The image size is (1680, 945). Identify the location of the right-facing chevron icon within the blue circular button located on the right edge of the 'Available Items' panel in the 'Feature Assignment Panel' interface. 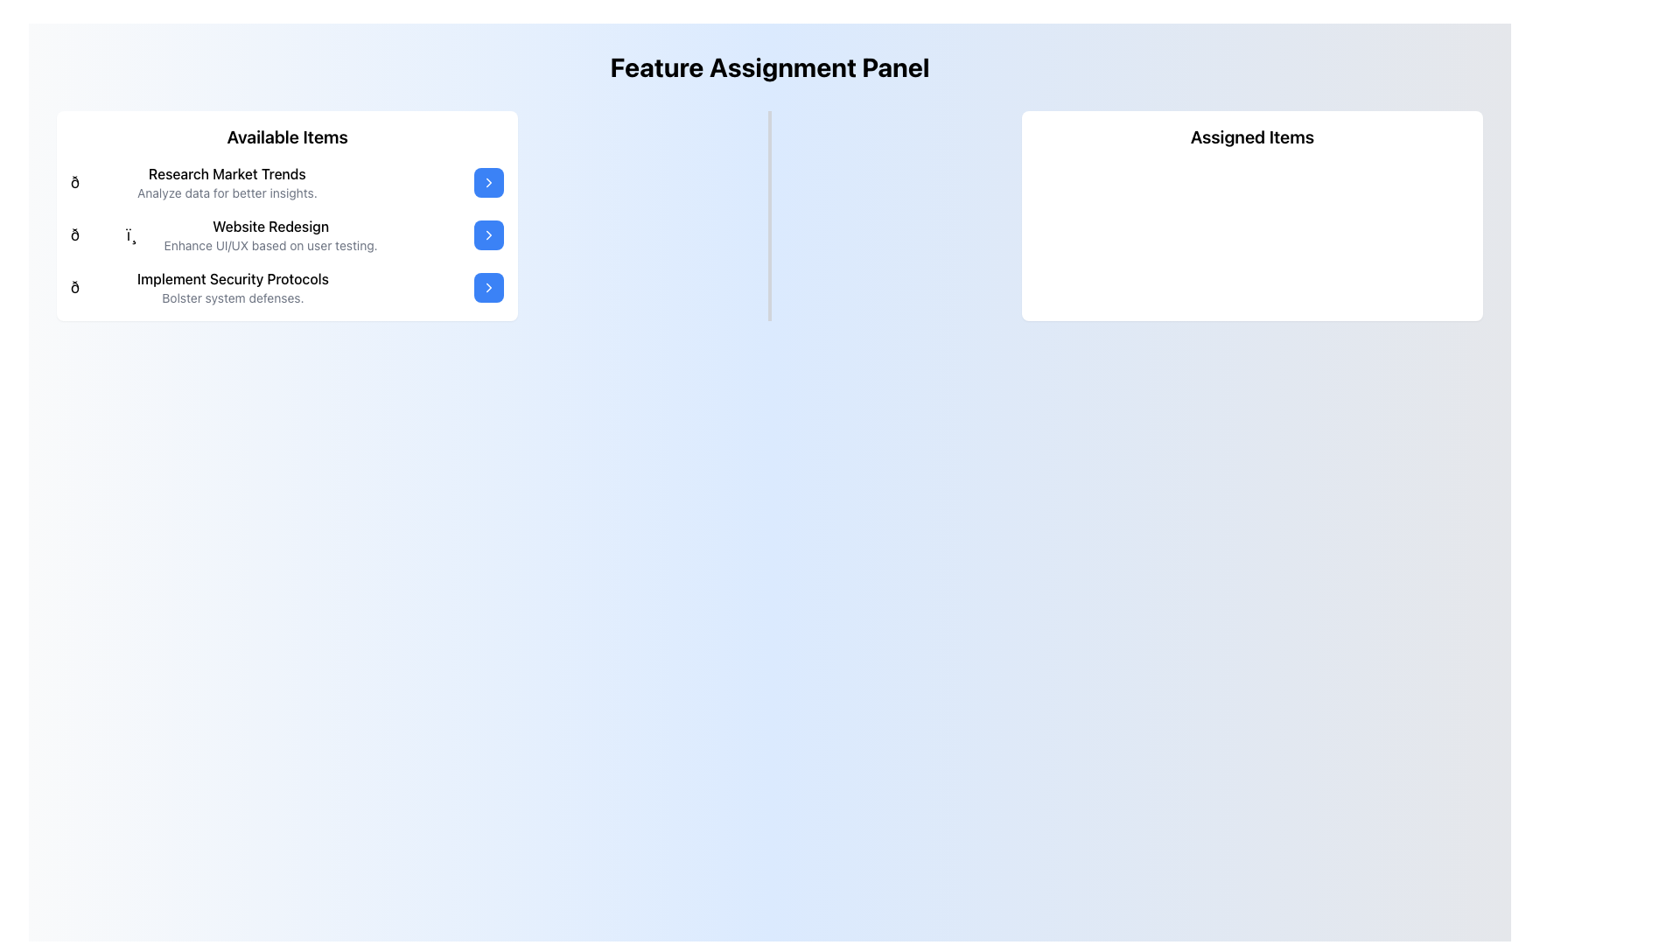
(489, 182).